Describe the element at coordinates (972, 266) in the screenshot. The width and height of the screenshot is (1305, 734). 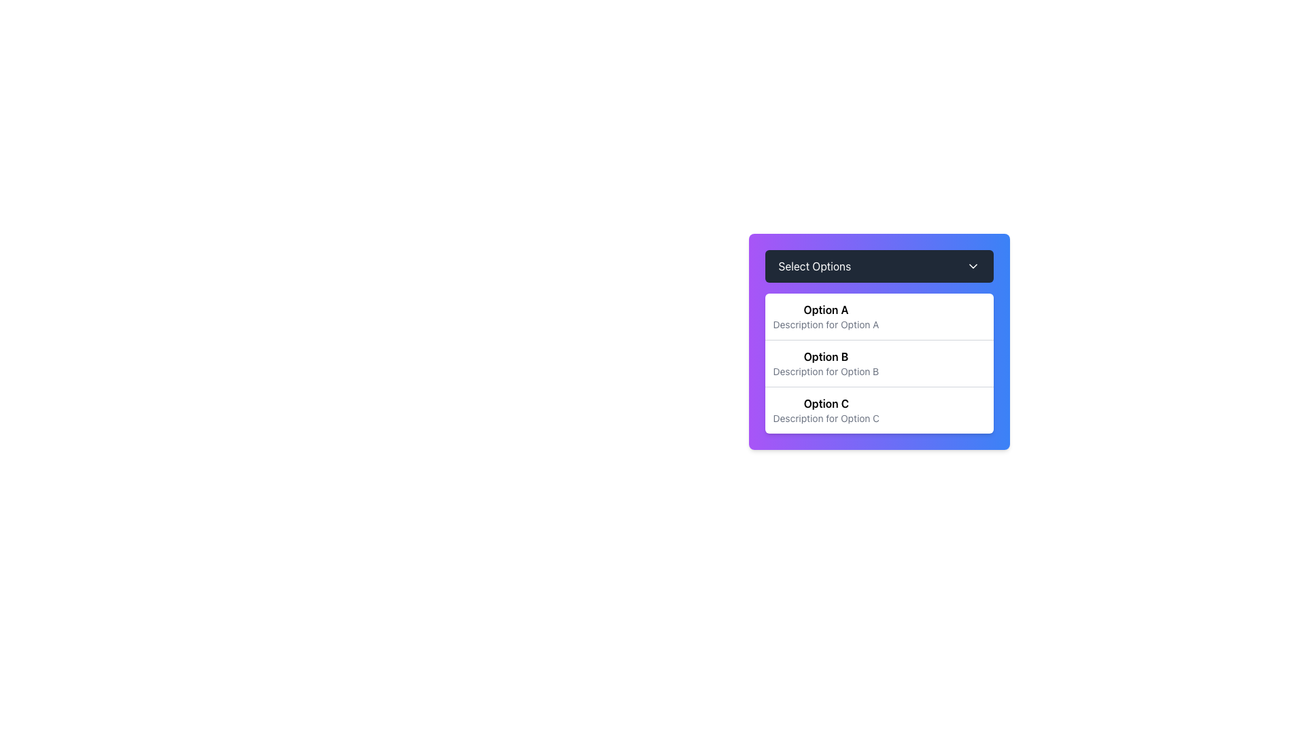
I see `the downward chevron icon located at the far right of the 'Select Options' section` at that location.